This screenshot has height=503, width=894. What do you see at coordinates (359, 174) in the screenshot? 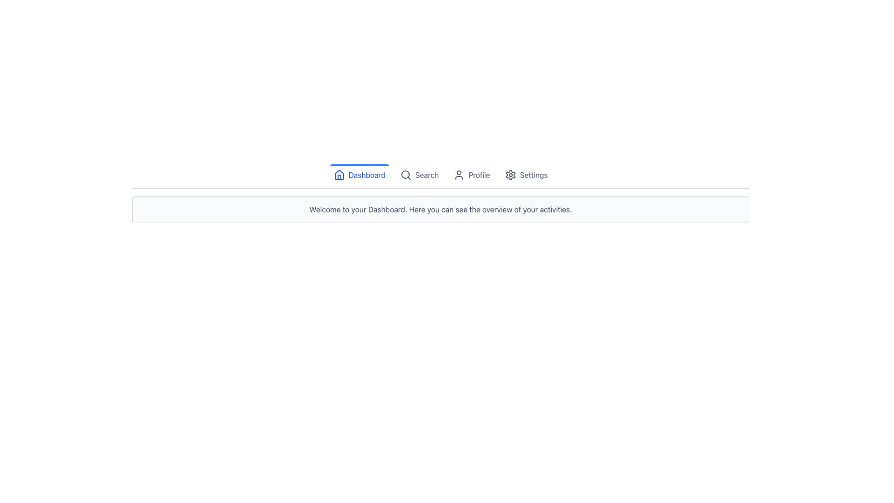
I see `the blue 'Dashboard' button with a house icon` at bounding box center [359, 174].